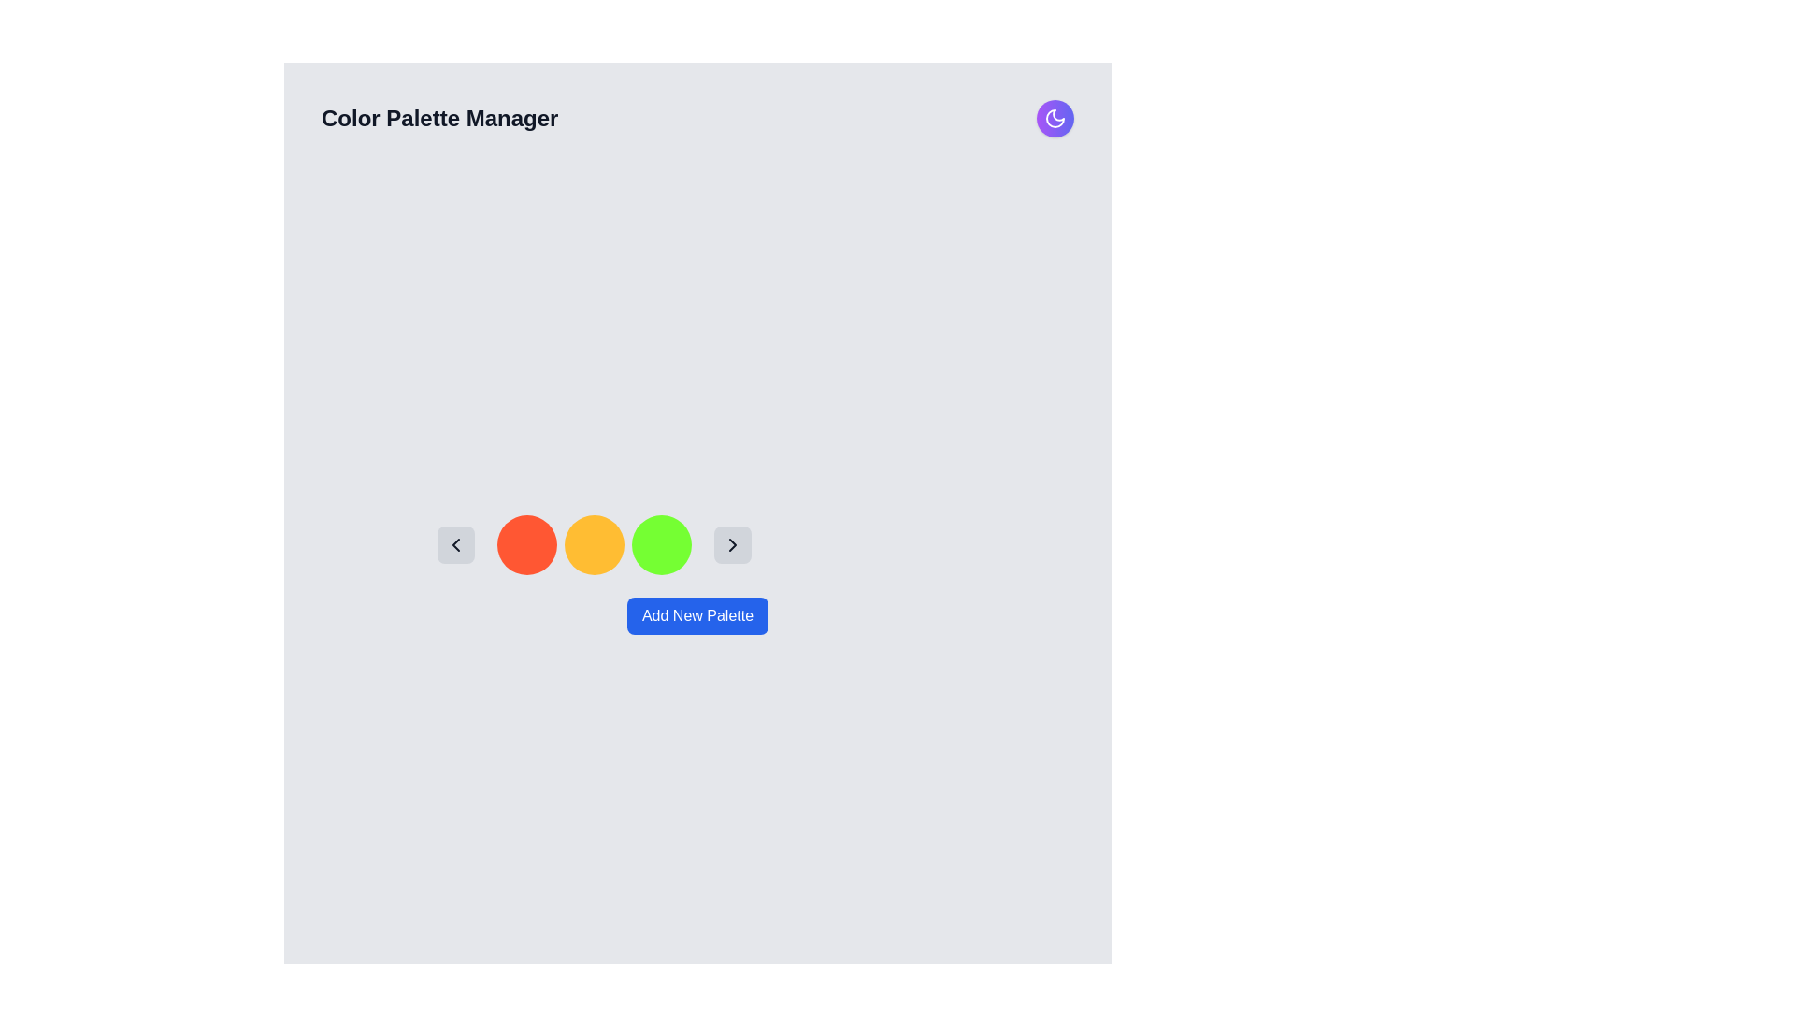 The width and height of the screenshot is (1795, 1010). Describe the element at coordinates (455, 544) in the screenshot. I see `the leftmost button with a light gray background and a black left-pointing chevron icon to interact with it` at that location.